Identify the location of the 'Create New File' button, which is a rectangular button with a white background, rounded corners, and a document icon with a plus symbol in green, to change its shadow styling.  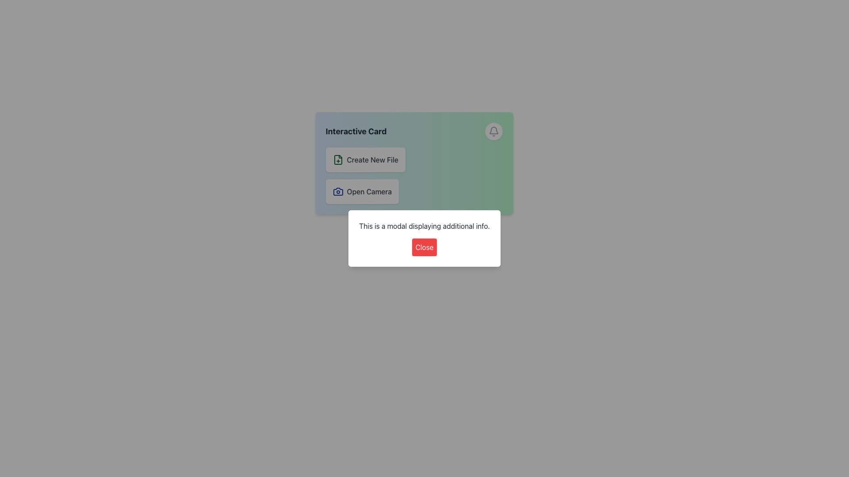
(365, 160).